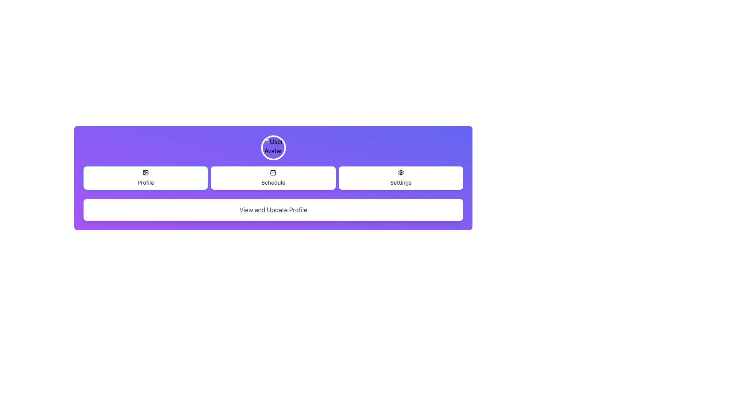 The image size is (746, 419). Describe the element at coordinates (401, 172) in the screenshot. I see `the settings icon located at the top-center of the 'Settings' card, which is the third card from the left` at that location.